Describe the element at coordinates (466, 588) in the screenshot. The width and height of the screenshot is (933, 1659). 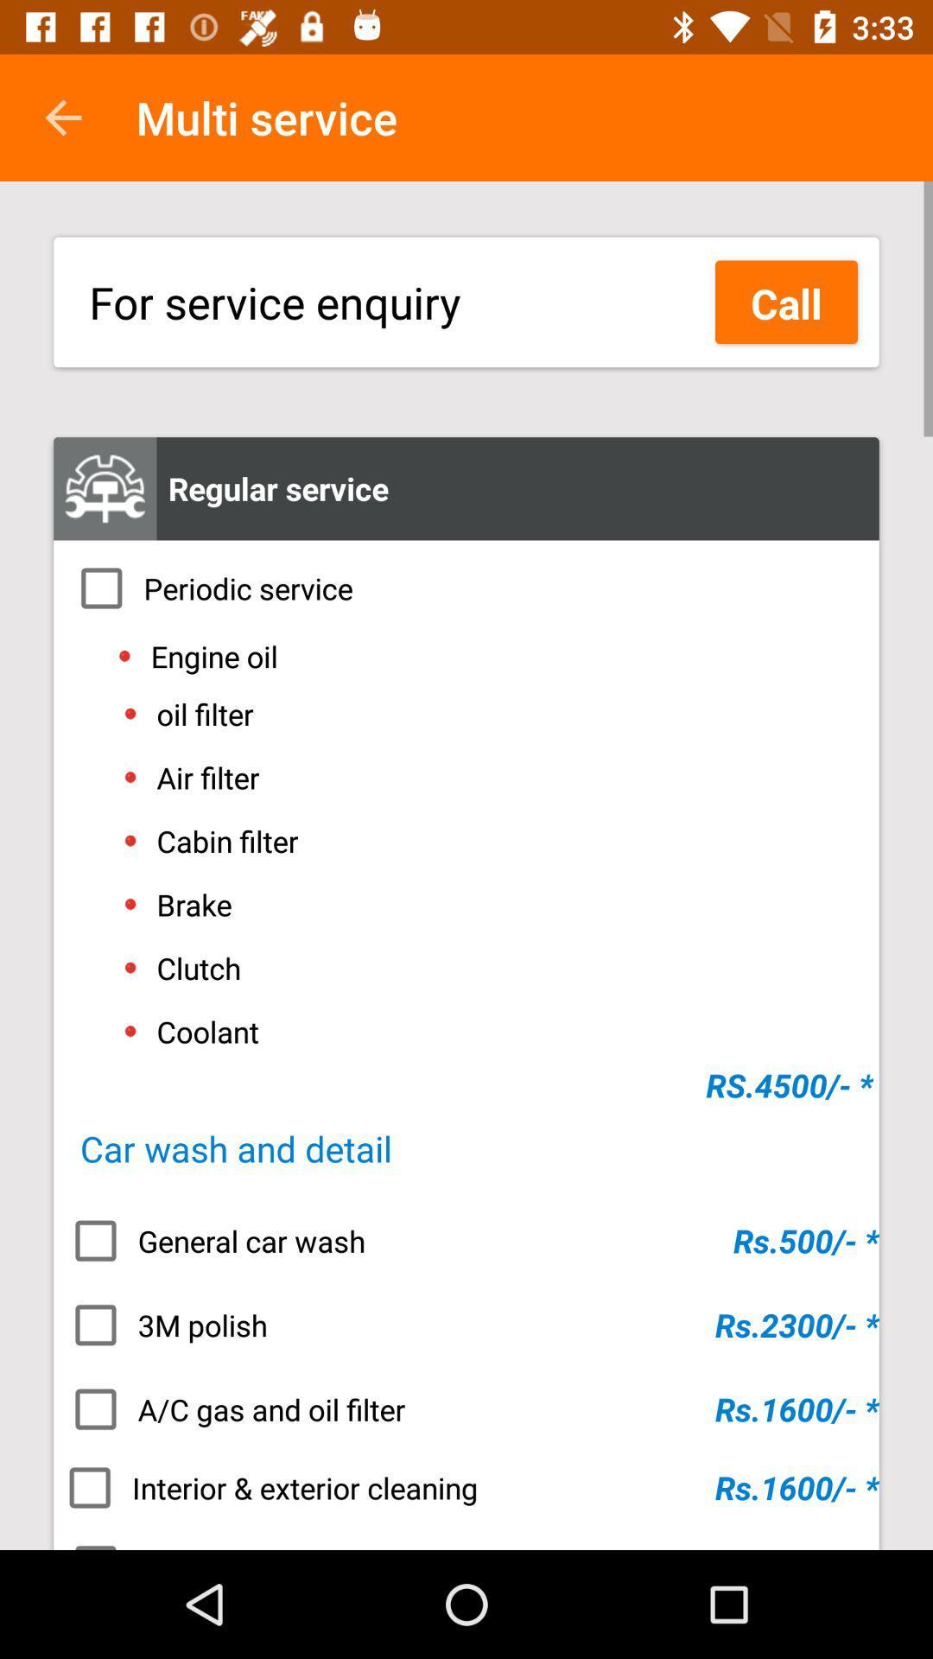
I see `the periodic service icon` at that location.